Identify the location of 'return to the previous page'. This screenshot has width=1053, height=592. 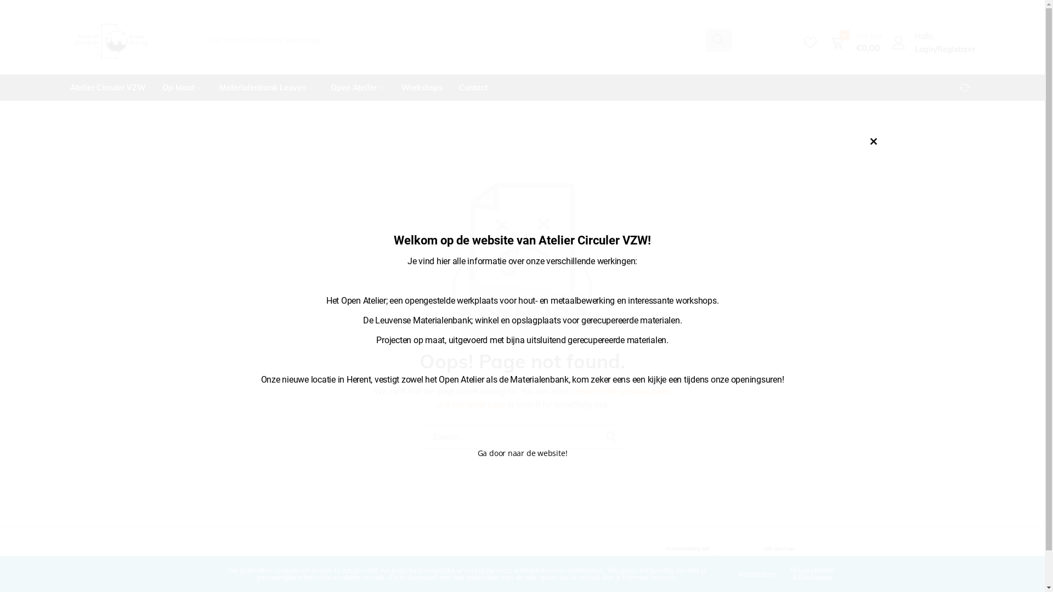
(621, 390).